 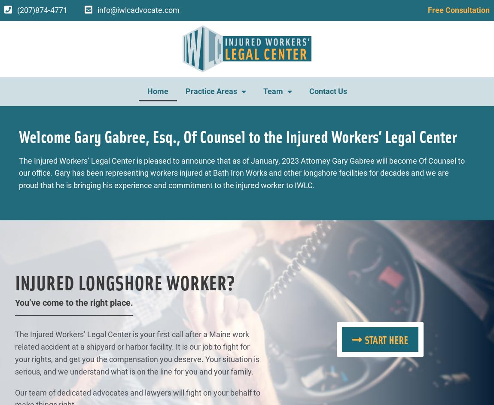 What do you see at coordinates (327, 91) in the screenshot?
I see `'Contact Us'` at bounding box center [327, 91].